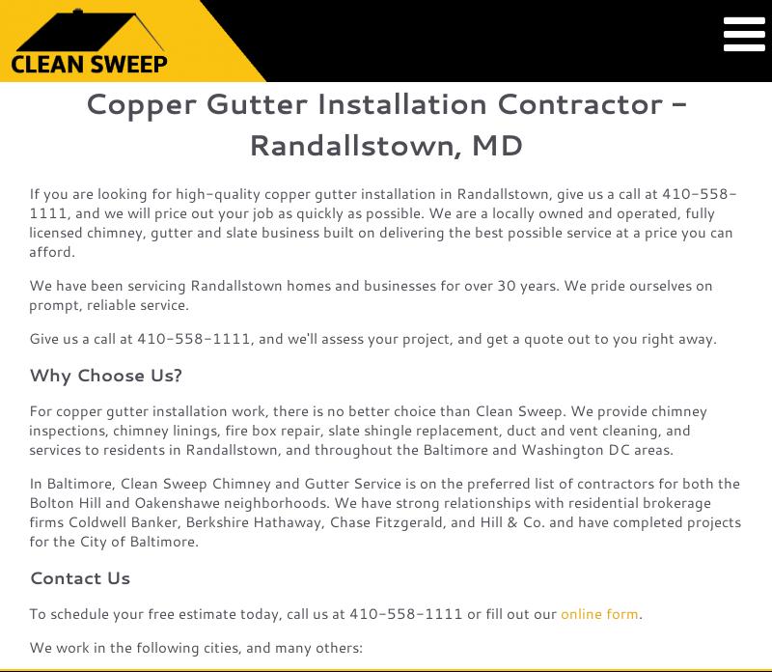  Describe the element at coordinates (372, 338) in the screenshot. I see `'Give us a call at 410-558-1111, and we'll assess your project, and get a quote out to you right away.'` at that location.